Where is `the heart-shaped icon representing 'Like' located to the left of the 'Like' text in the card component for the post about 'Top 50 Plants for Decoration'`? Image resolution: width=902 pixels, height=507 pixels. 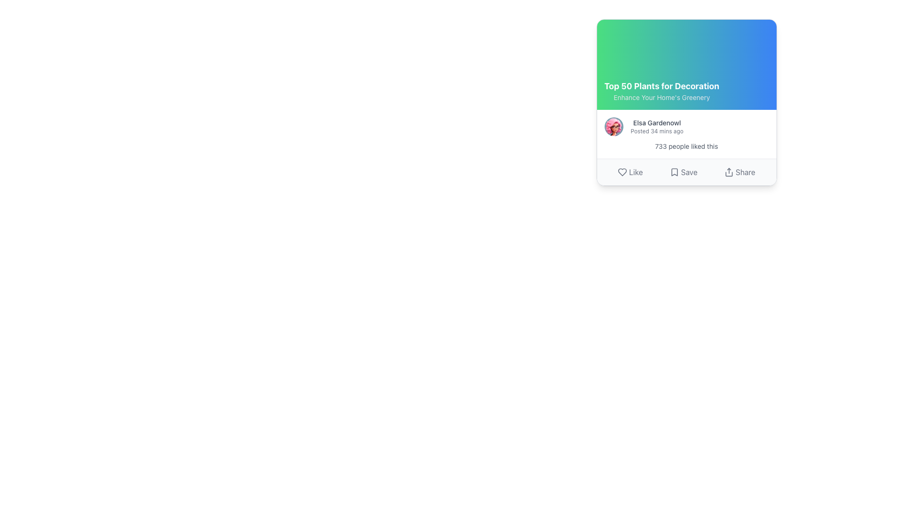 the heart-shaped icon representing 'Like' located to the left of the 'Like' text in the card component for the post about 'Top 50 Plants for Decoration' is located at coordinates (622, 172).